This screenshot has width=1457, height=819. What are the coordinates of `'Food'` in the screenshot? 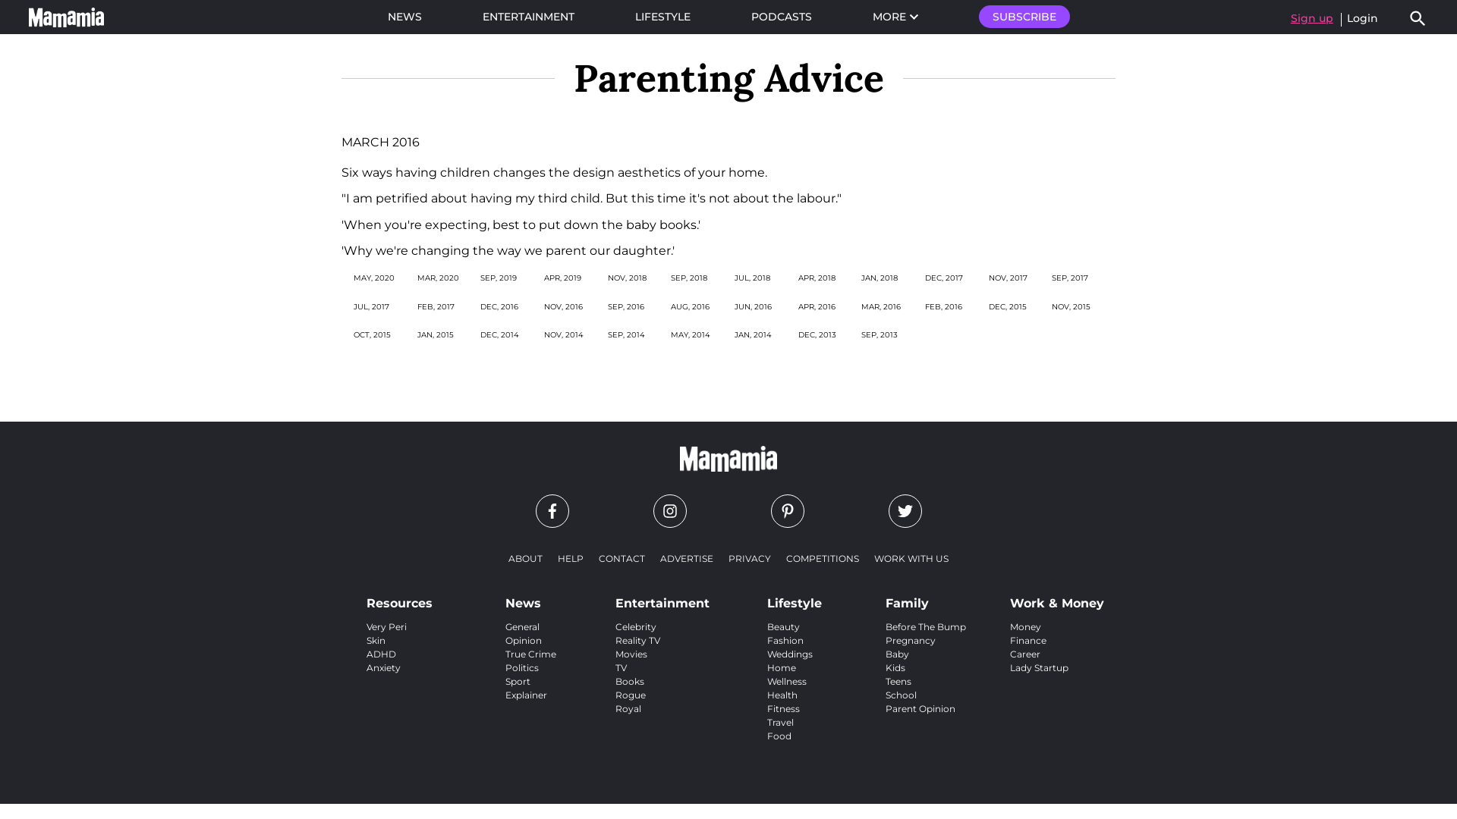 It's located at (779, 735).